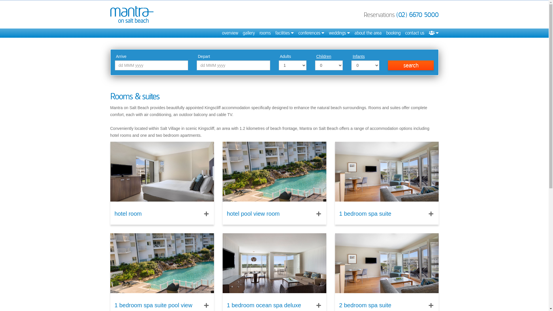 This screenshot has height=311, width=553. What do you see at coordinates (367, 33) in the screenshot?
I see `'about the area'` at bounding box center [367, 33].